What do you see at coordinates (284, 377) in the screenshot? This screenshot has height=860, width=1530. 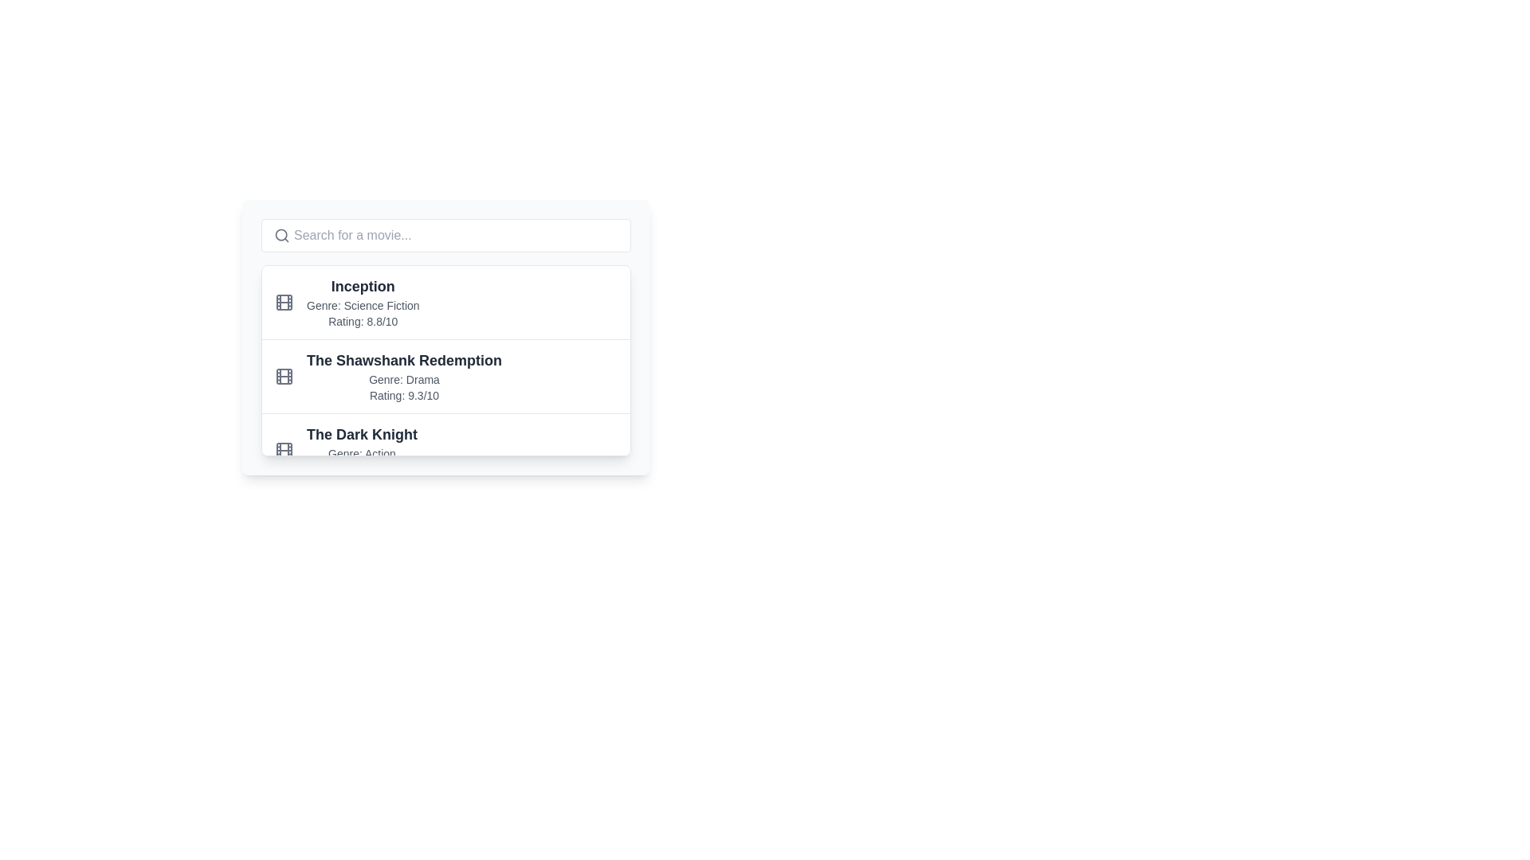 I see `the film reel icon representing 'The Shawshank Redemption', which is styled in gray and located to the left of the movie title` at bounding box center [284, 377].